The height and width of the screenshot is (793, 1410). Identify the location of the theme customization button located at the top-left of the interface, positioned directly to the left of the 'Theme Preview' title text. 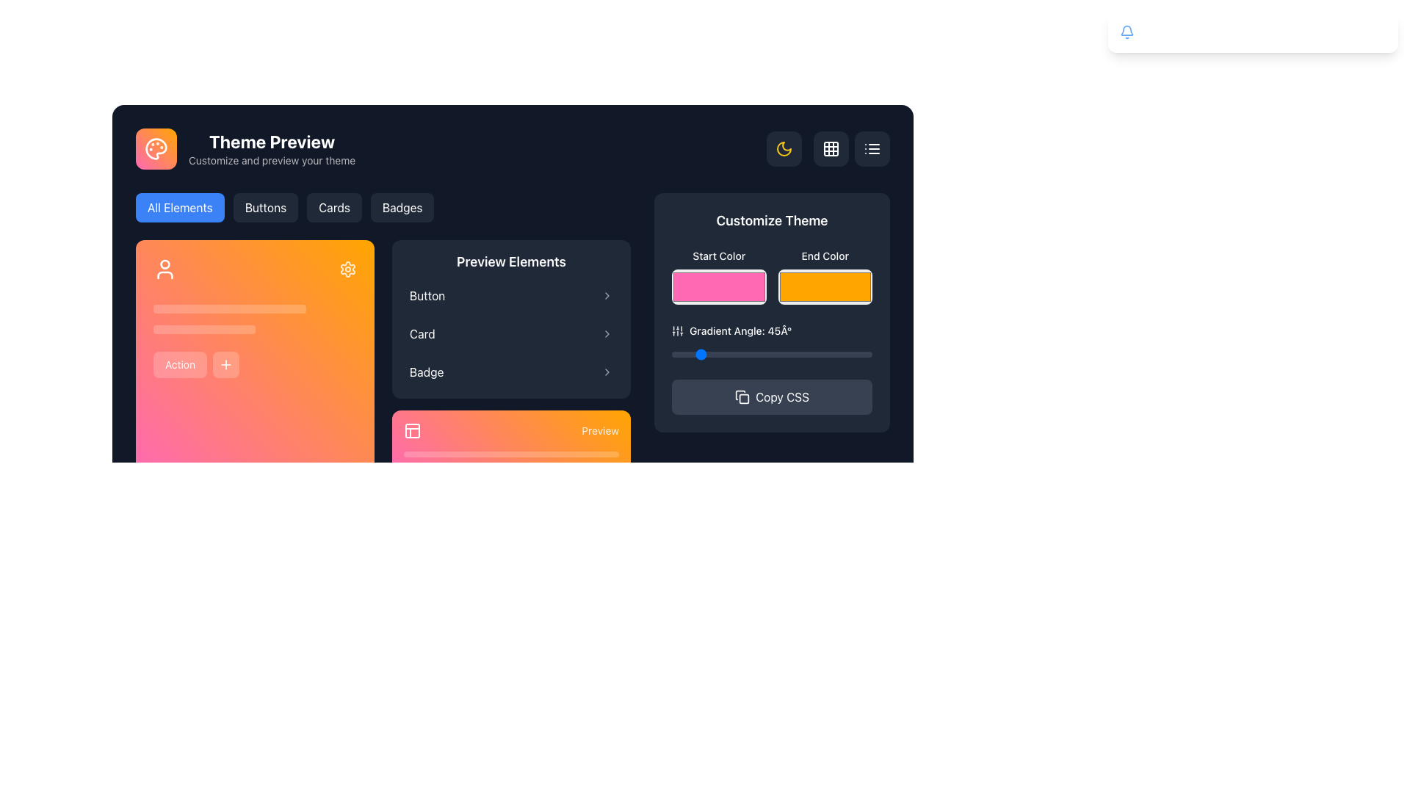
(156, 149).